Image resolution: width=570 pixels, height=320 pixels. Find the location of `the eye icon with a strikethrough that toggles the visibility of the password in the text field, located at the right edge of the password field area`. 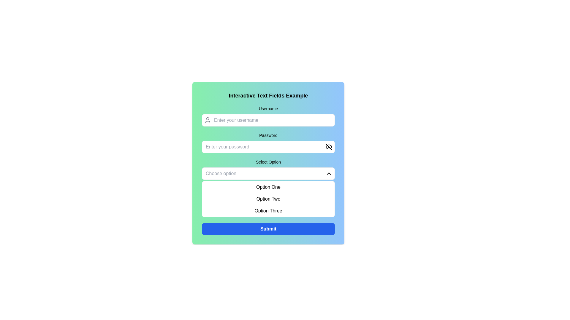

the eye icon with a strikethrough that toggles the visibility of the password in the text field, located at the right edge of the password field area is located at coordinates (329, 147).